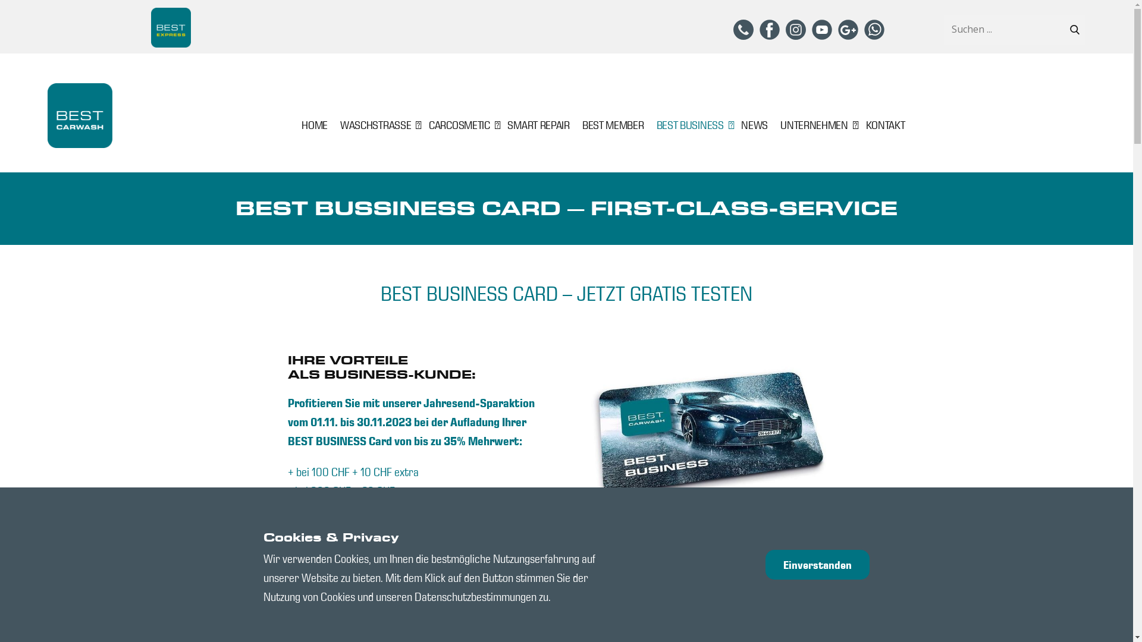 The width and height of the screenshot is (1142, 642). Describe the element at coordinates (613, 125) in the screenshot. I see `'BEST MEMBER'` at that location.